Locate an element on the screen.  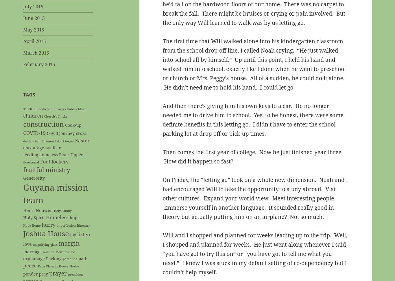
'March 2015' is located at coordinates (23, 53).